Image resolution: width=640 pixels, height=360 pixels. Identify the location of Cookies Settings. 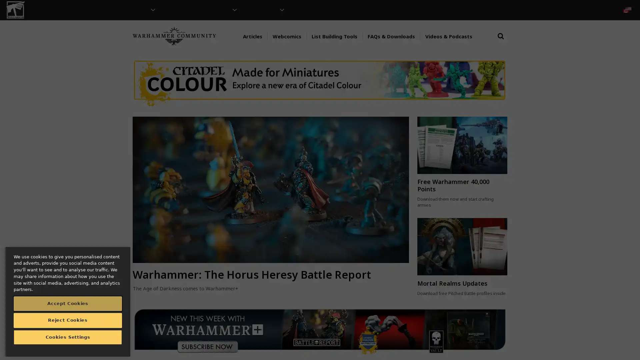
(68, 337).